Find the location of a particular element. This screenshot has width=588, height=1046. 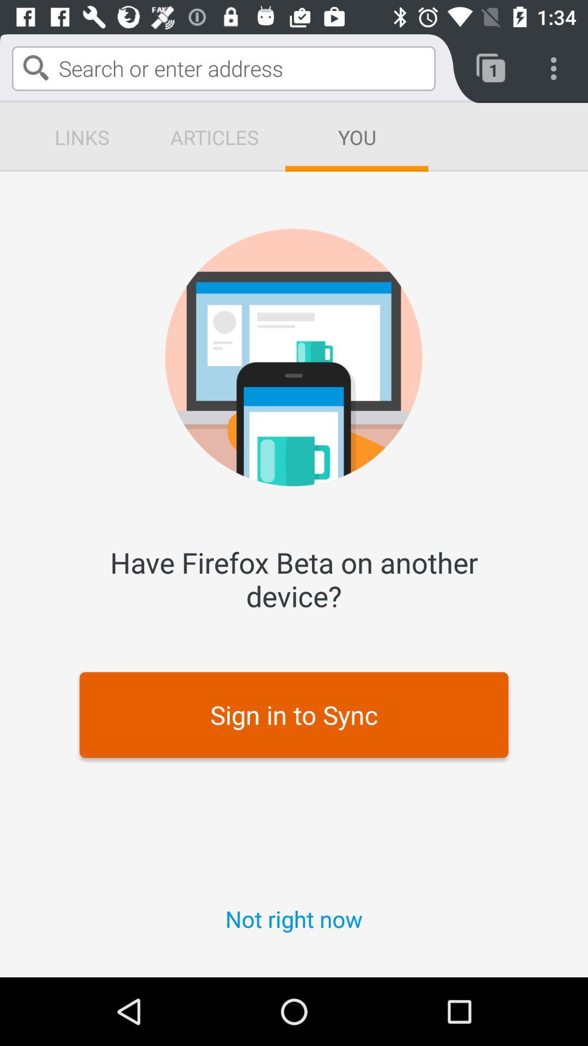

the image in middle of the page is located at coordinates (294, 357).